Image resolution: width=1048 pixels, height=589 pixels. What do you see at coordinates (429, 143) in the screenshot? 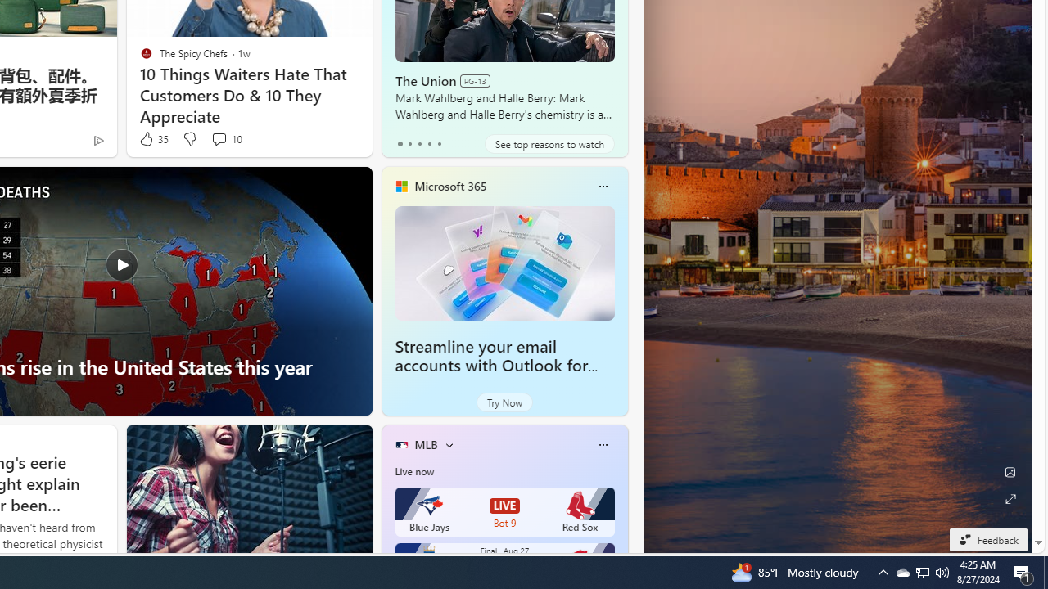
I see `'tab-3'` at bounding box center [429, 143].